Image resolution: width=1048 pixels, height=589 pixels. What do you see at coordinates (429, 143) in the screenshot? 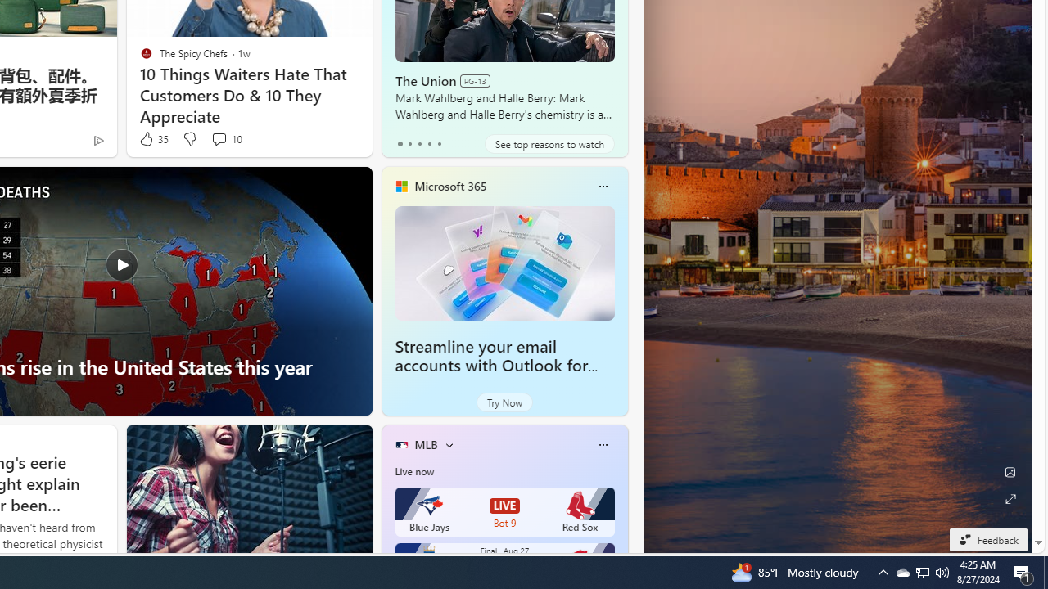
I see `'tab-3'` at bounding box center [429, 143].